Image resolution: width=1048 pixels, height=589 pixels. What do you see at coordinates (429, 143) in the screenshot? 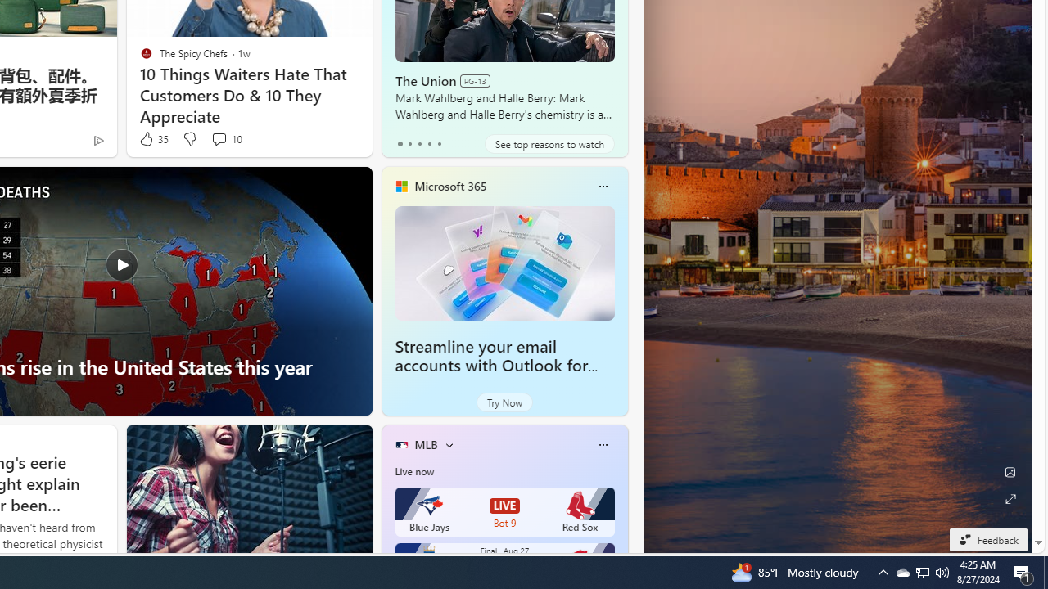
I see `'tab-3'` at bounding box center [429, 143].